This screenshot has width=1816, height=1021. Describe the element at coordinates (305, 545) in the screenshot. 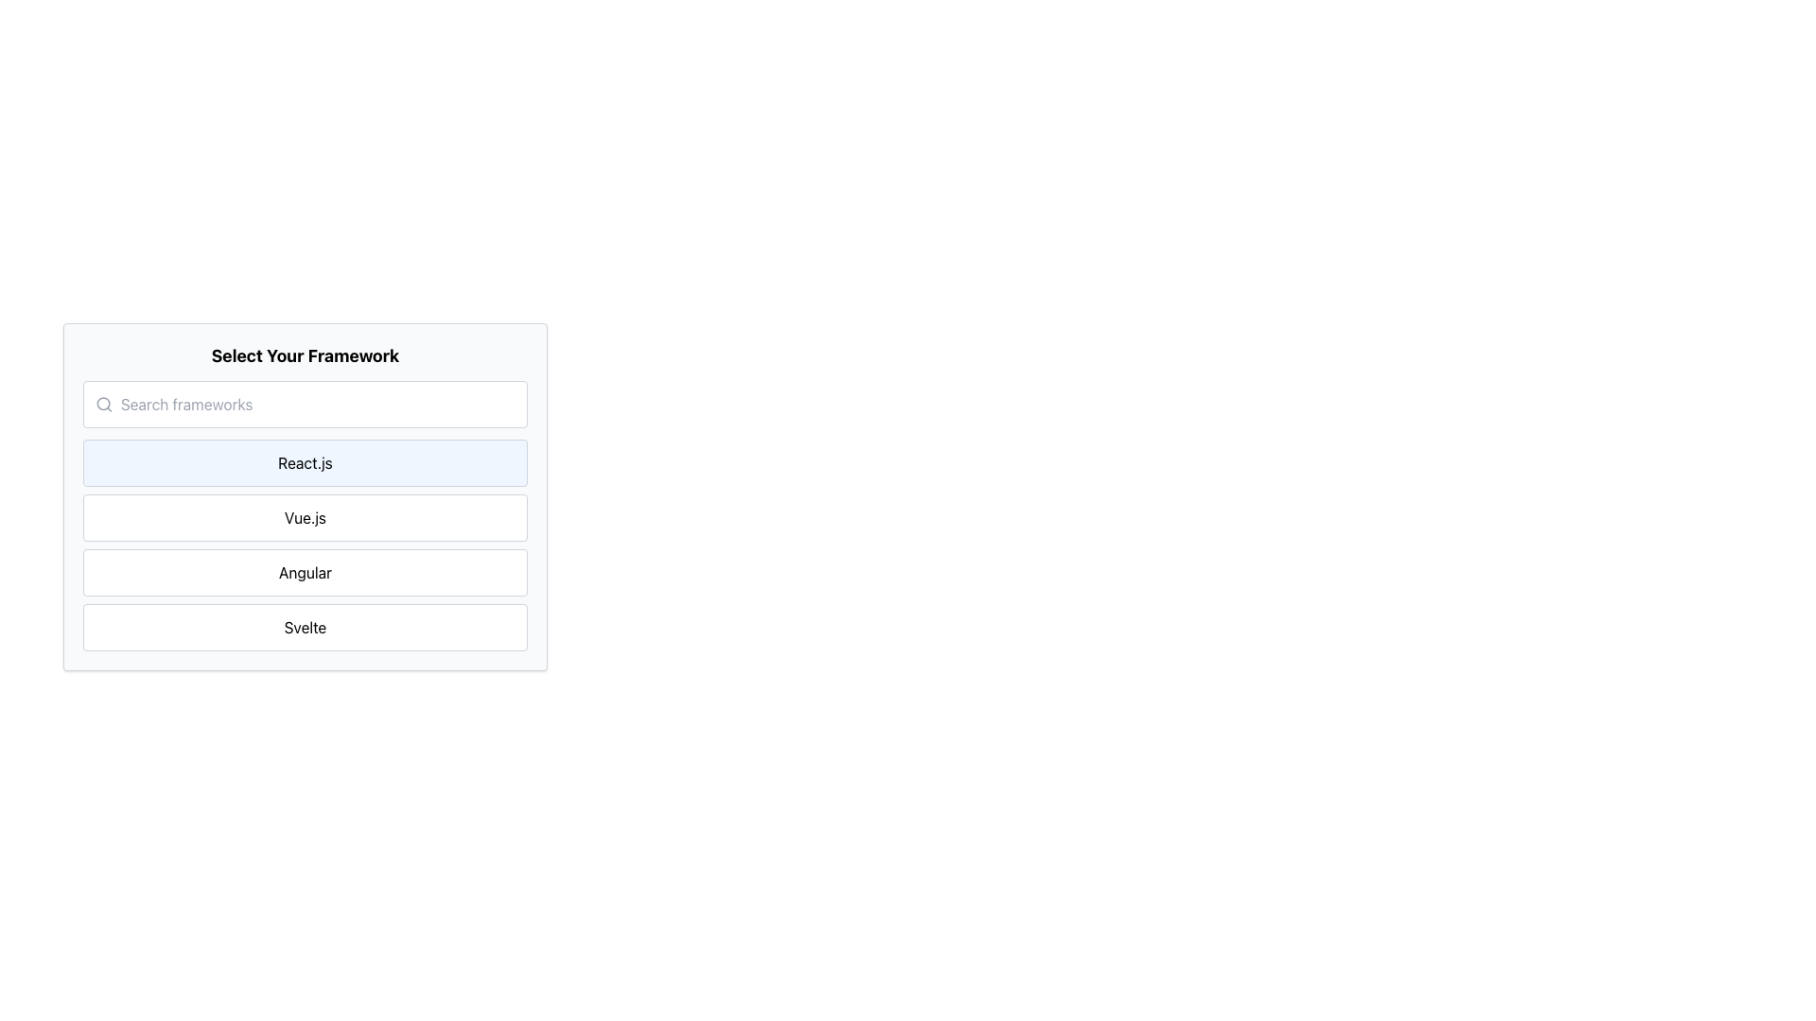

I see `an item in the Selectable list located below the 'Select Your Framework' label` at that location.